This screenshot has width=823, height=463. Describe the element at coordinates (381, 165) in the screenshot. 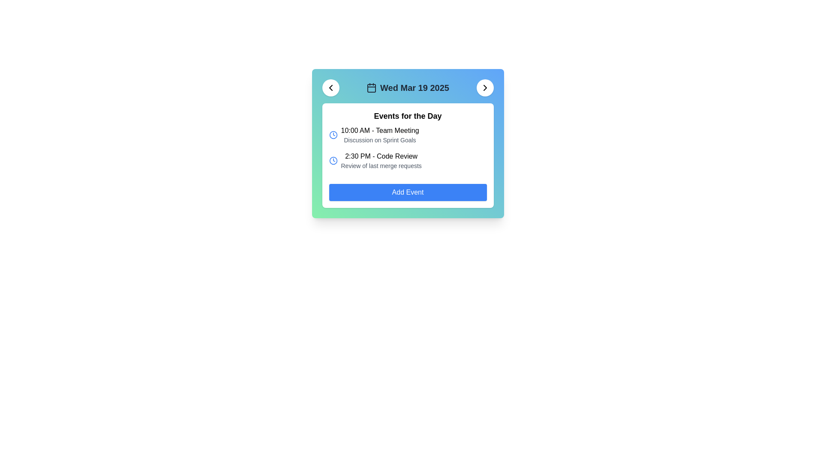

I see `the text label that says 'Review of last merge requests', which is positioned directly beneath '2:30 PM - Code Review' in the main content section under 'Events for the Day'` at that location.